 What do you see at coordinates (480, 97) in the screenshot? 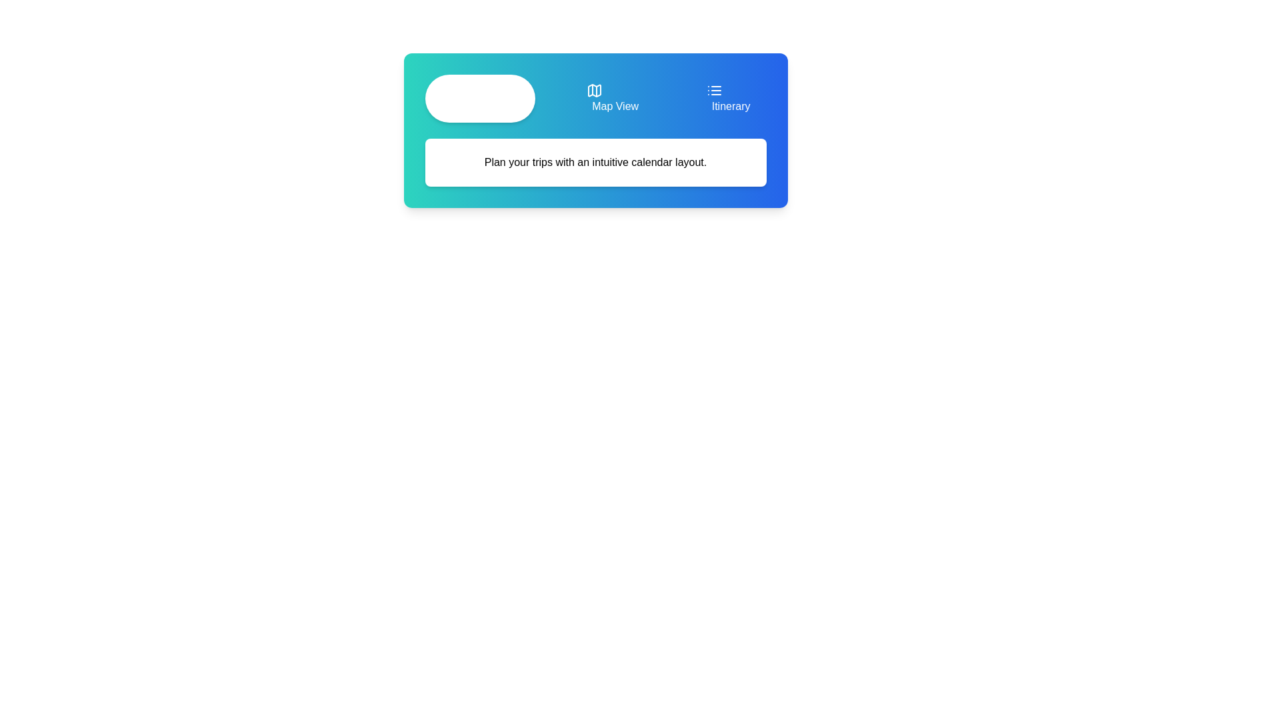
I see `the Calendar View tab by clicking on its button` at bounding box center [480, 97].